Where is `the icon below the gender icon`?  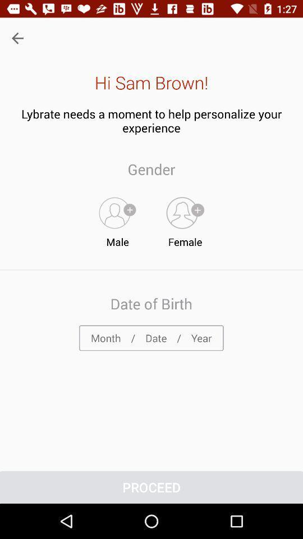
the icon below the gender icon is located at coordinates (185, 219).